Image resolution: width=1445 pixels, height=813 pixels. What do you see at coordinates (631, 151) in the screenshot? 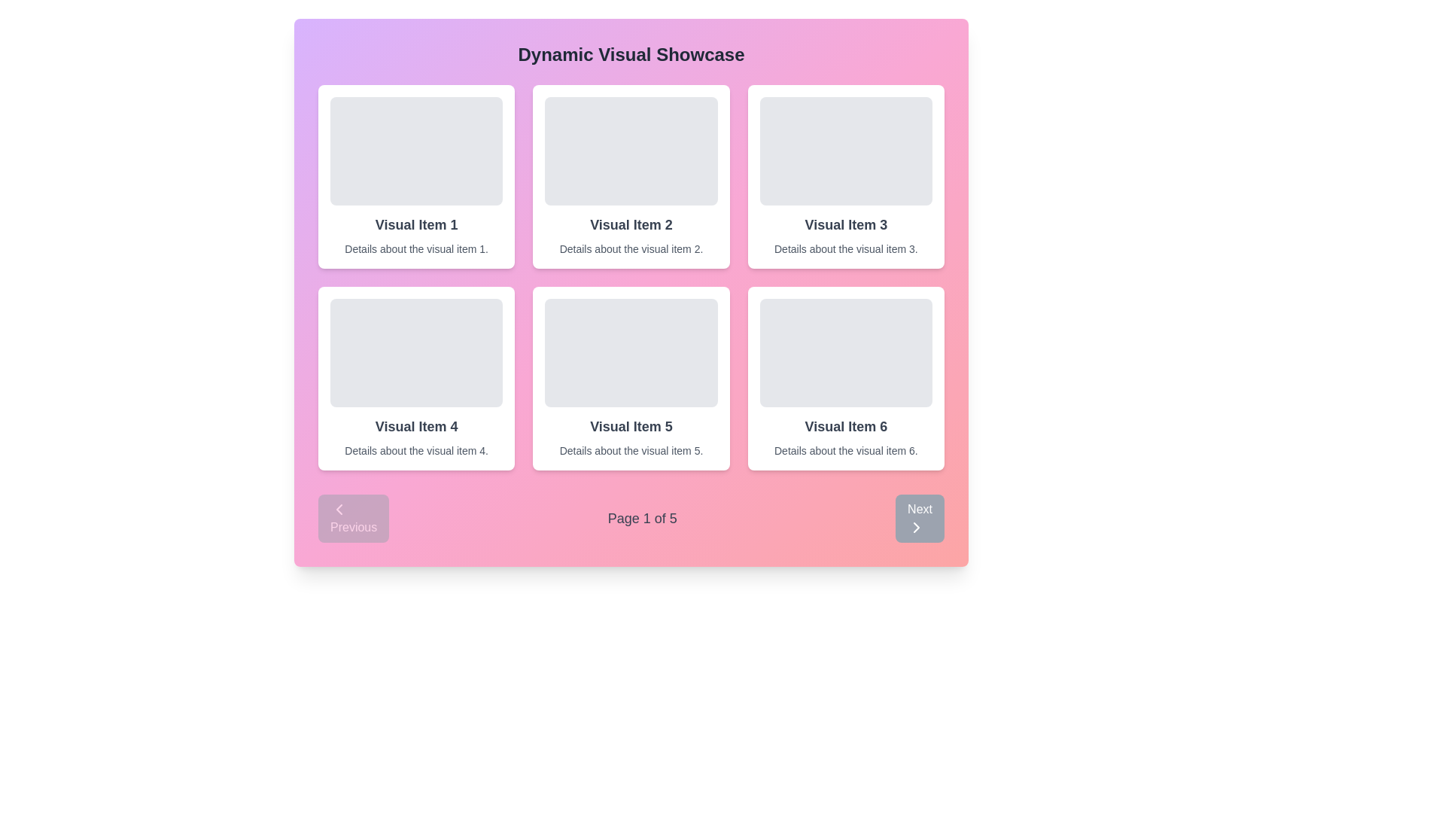
I see `the visual placeholder element located in the card labeled 'Visual Item 2', which is positioned centrally in the middle row of the grid layout` at bounding box center [631, 151].